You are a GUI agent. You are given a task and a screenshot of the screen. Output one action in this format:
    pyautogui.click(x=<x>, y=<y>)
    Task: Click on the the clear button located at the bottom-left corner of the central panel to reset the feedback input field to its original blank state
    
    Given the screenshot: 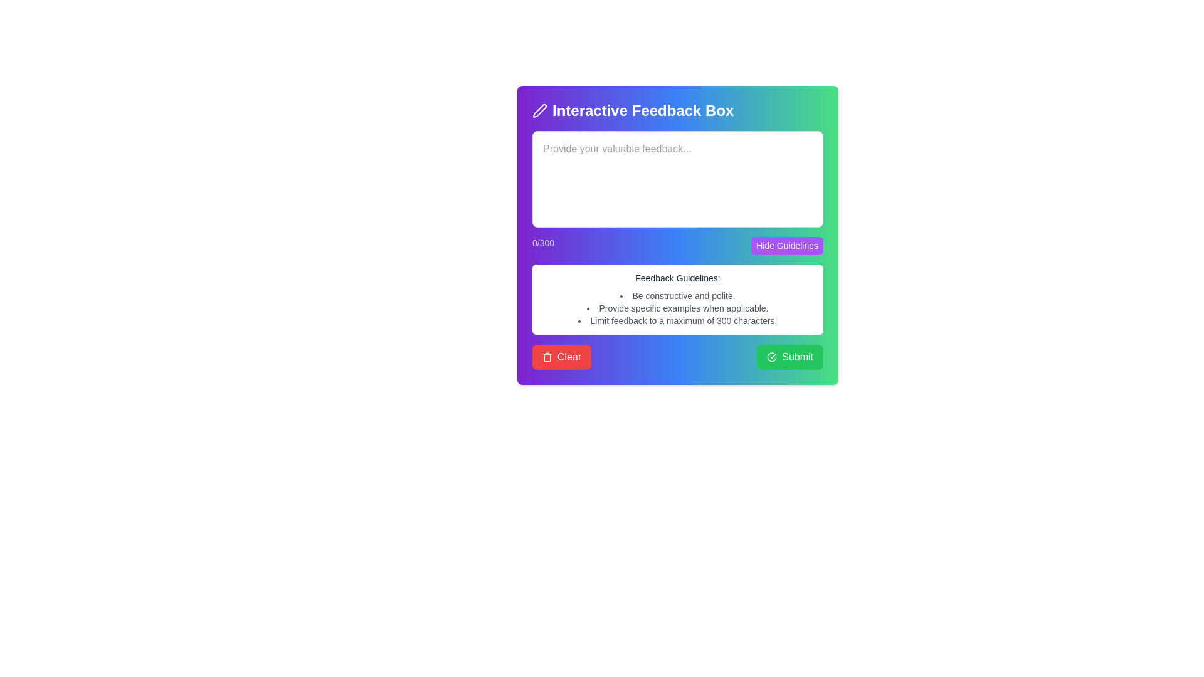 What is the action you would take?
    pyautogui.click(x=561, y=357)
    